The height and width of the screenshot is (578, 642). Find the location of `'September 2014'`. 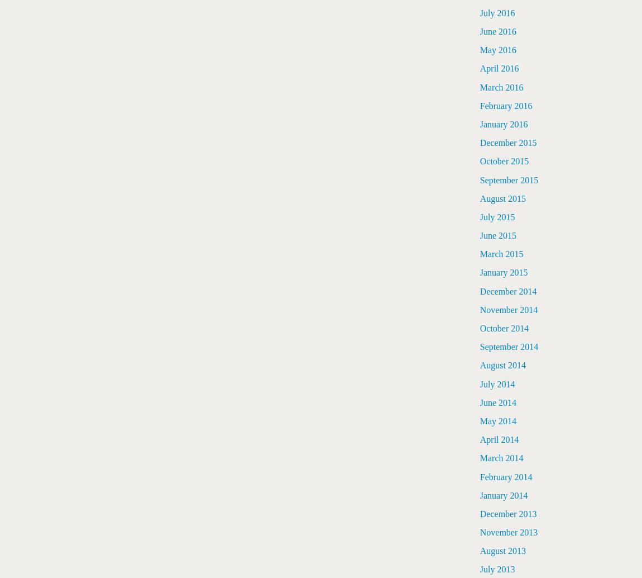

'September 2014' is located at coordinates (509, 347).